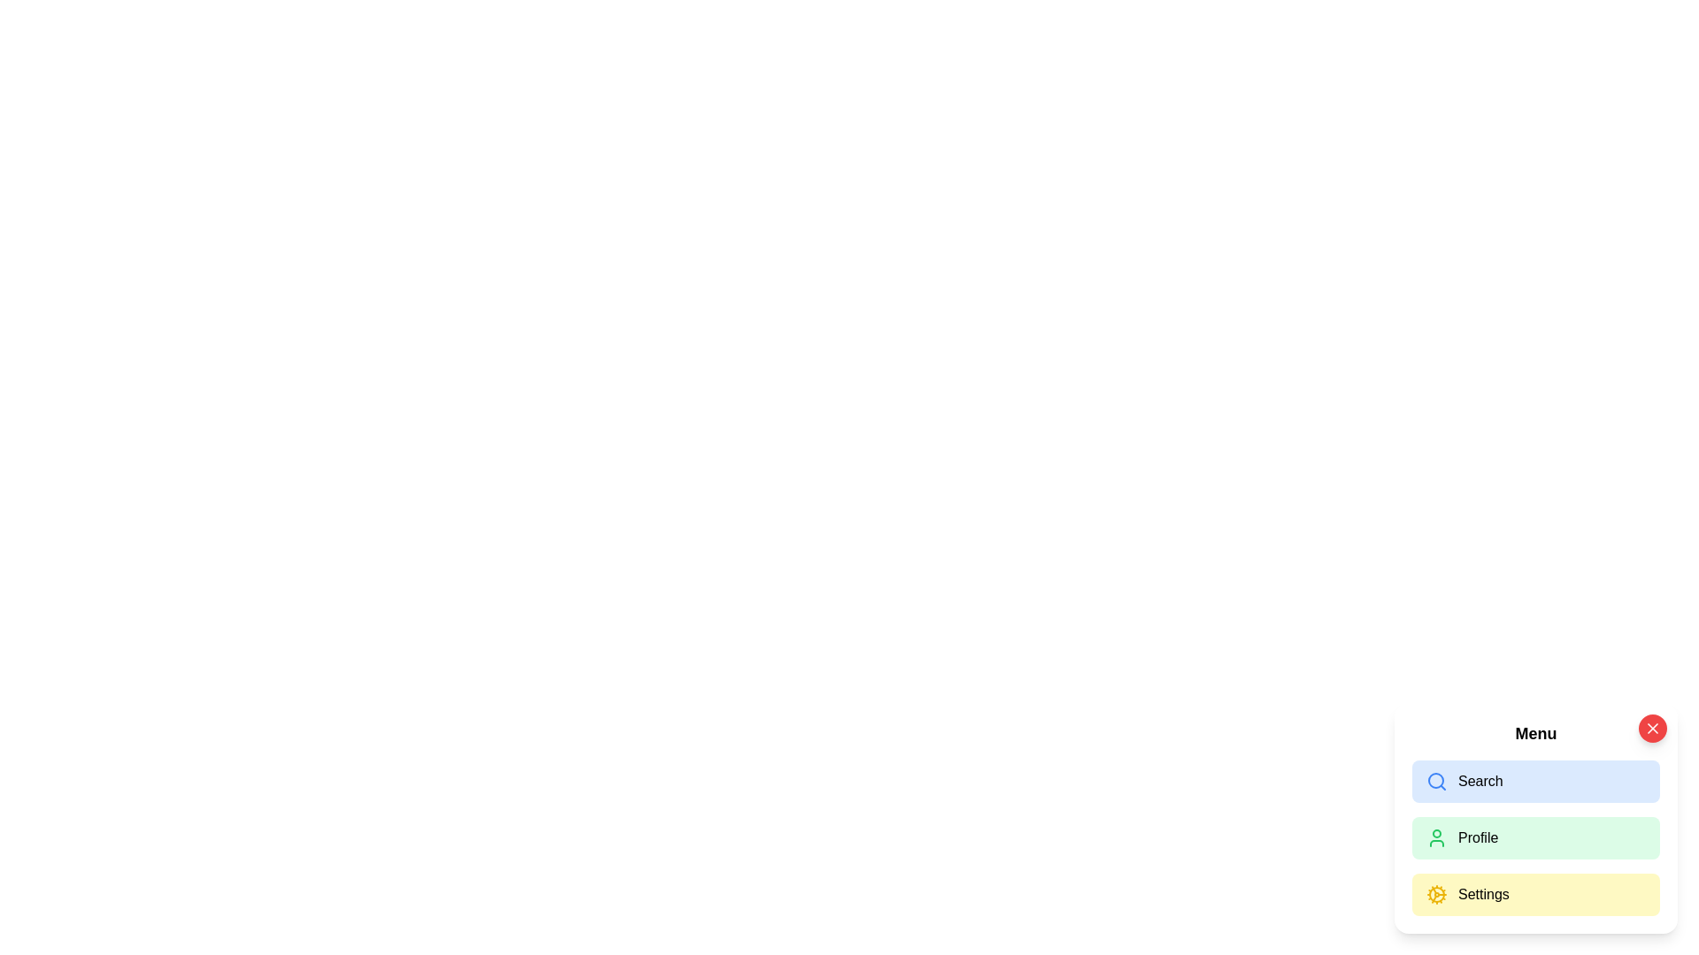  What do you see at coordinates (1436, 837) in the screenshot?
I see `the 'Profile' icon located on the left of the text label in the second row of the vertical drop-down menu` at bounding box center [1436, 837].